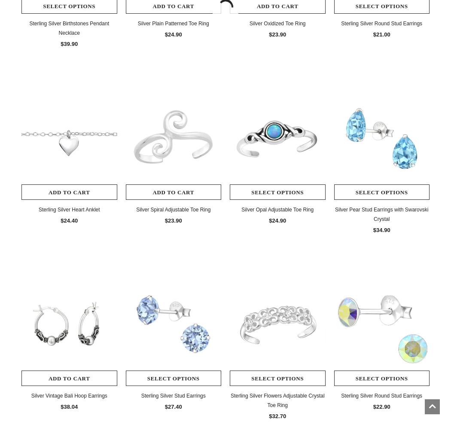 The width and height of the screenshot is (451, 422). Describe the element at coordinates (277, 416) in the screenshot. I see `'$32.70'` at that location.